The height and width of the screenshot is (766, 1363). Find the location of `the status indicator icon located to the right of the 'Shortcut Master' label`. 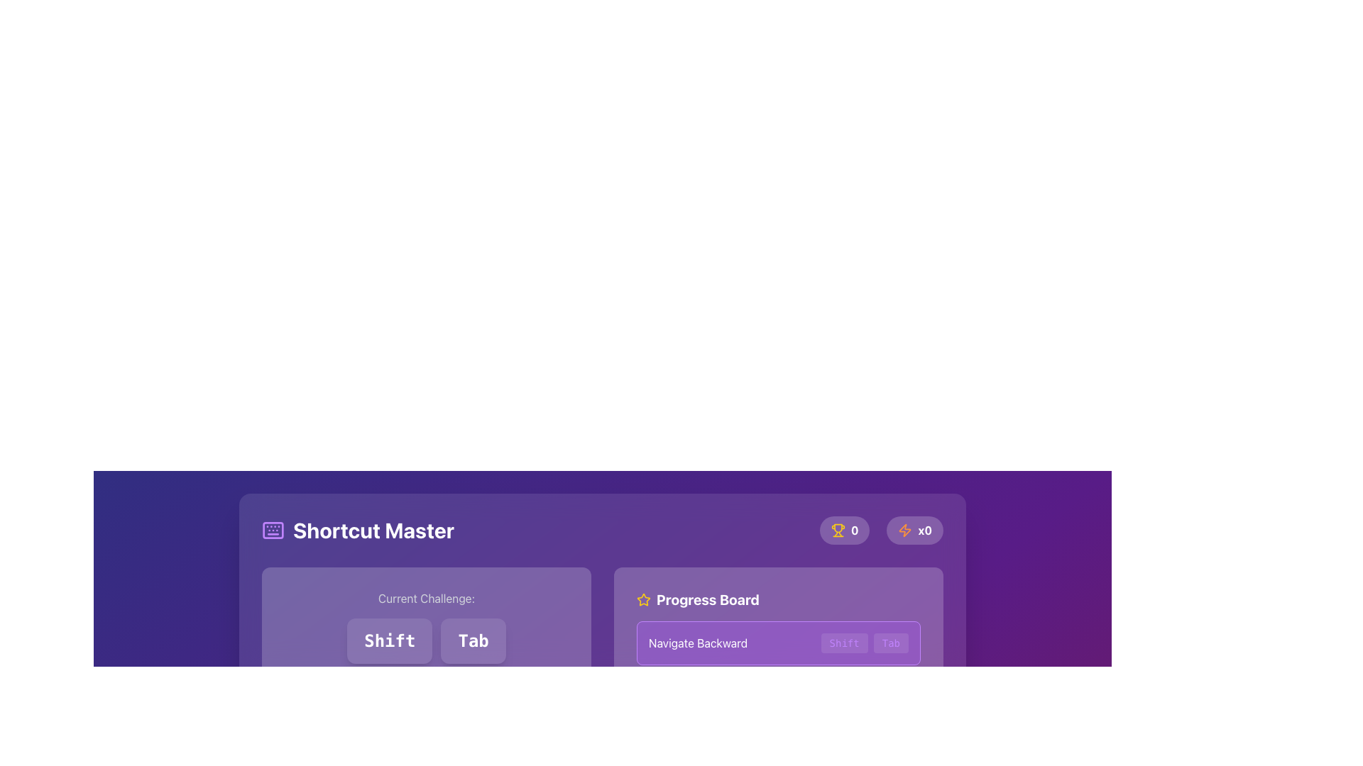

the status indicator icon located to the right of the 'Shortcut Master' label is located at coordinates (880, 531).